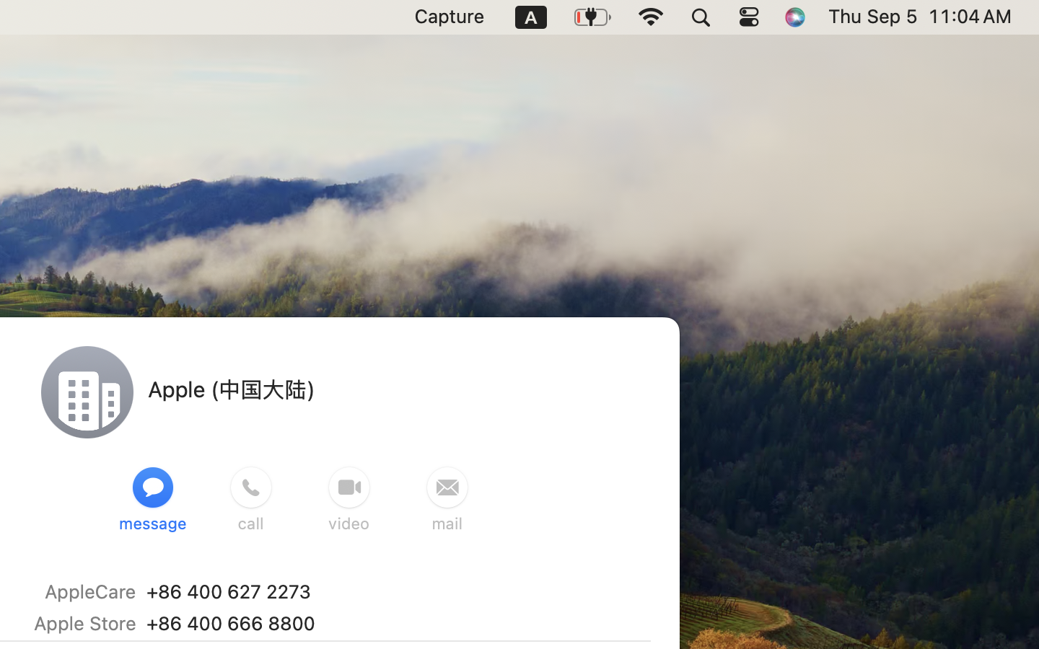 Image resolution: width=1039 pixels, height=649 pixels. What do you see at coordinates (84, 623) in the screenshot?
I see `'Apple Store'` at bounding box center [84, 623].